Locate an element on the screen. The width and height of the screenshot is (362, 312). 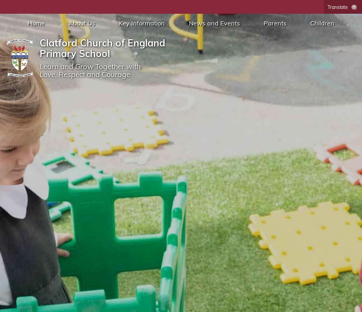
'Clatford Church of England' is located at coordinates (39, 42).